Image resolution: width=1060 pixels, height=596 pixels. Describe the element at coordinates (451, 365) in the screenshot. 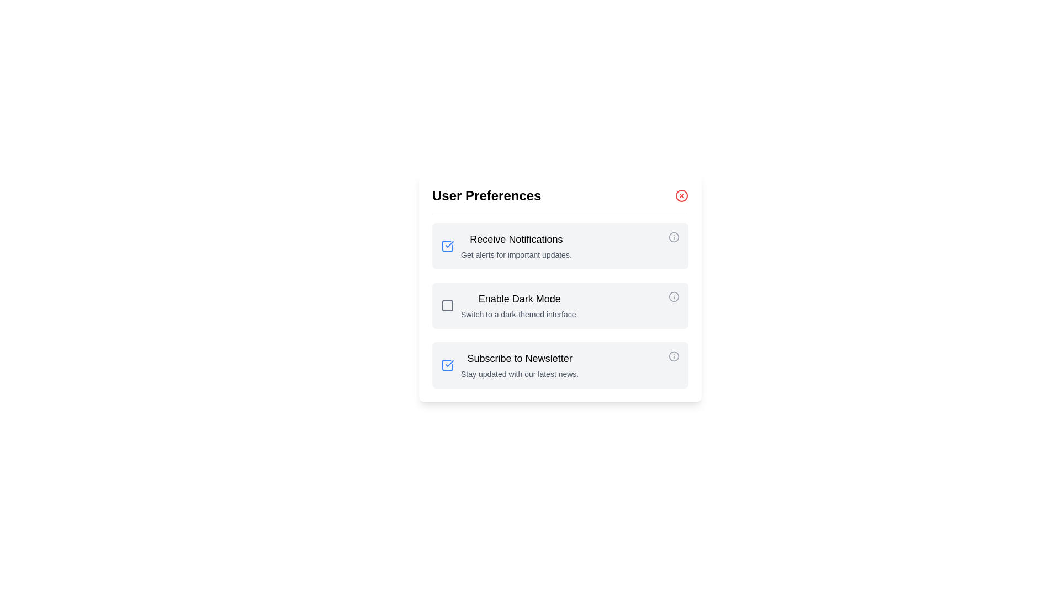

I see `the checkbox represented by a blue square outline with a checkmark in the center, located to the far left of the 'Subscribe to Newsletter' label` at that location.